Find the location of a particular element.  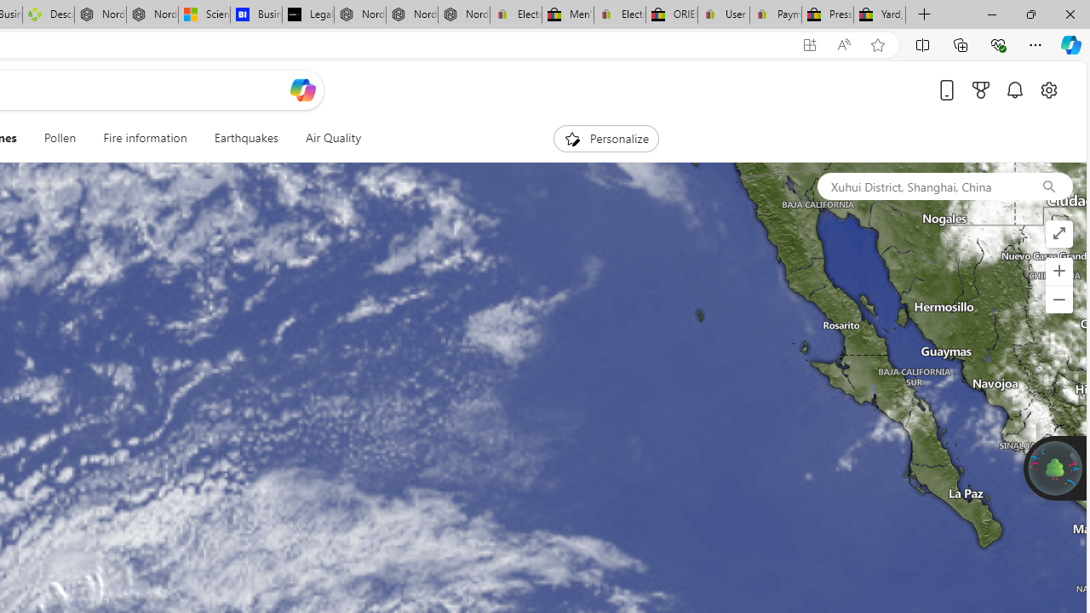

'Earthquakes' is located at coordinates (244, 138).